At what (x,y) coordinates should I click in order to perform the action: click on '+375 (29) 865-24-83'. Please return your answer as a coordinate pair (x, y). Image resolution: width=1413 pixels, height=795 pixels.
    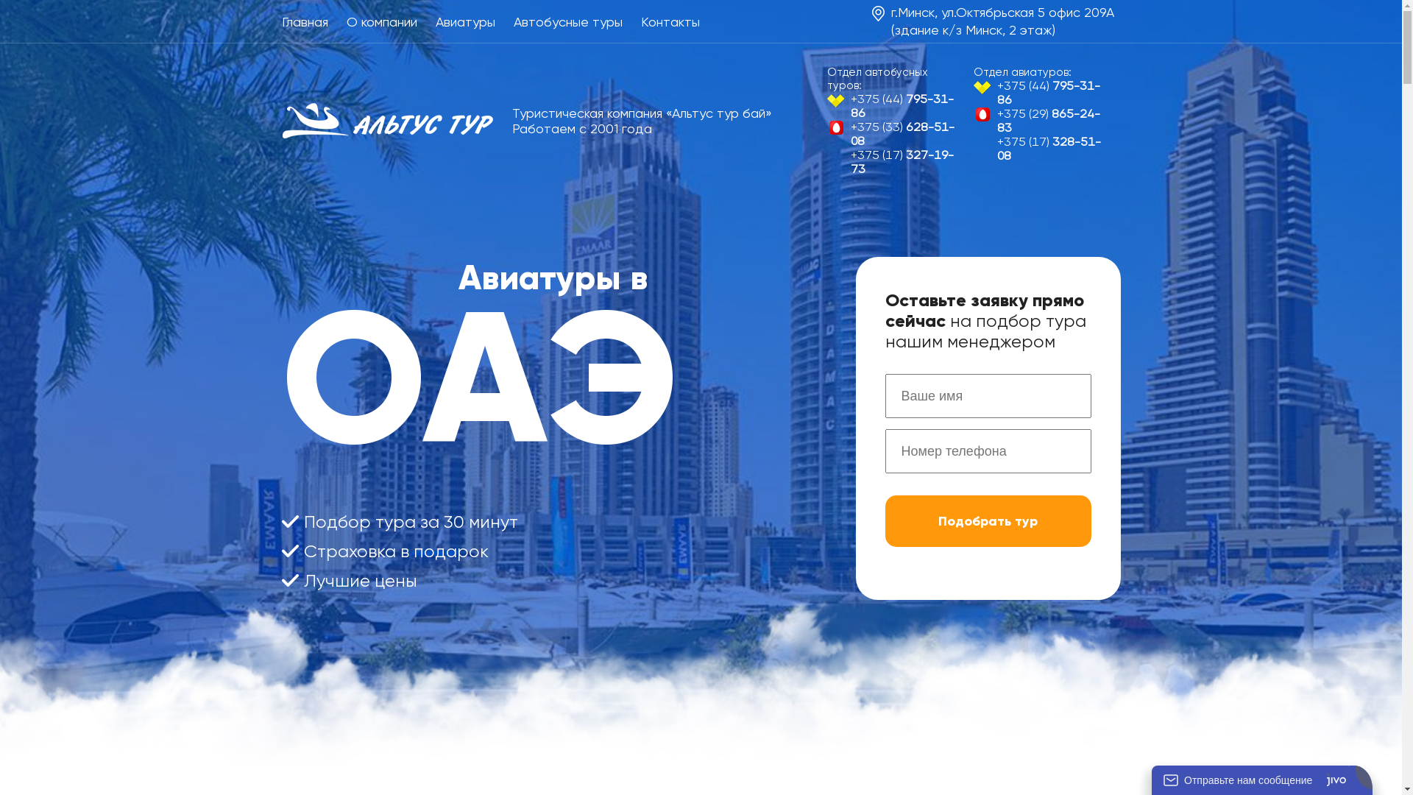
    Looking at the image, I should click on (1041, 120).